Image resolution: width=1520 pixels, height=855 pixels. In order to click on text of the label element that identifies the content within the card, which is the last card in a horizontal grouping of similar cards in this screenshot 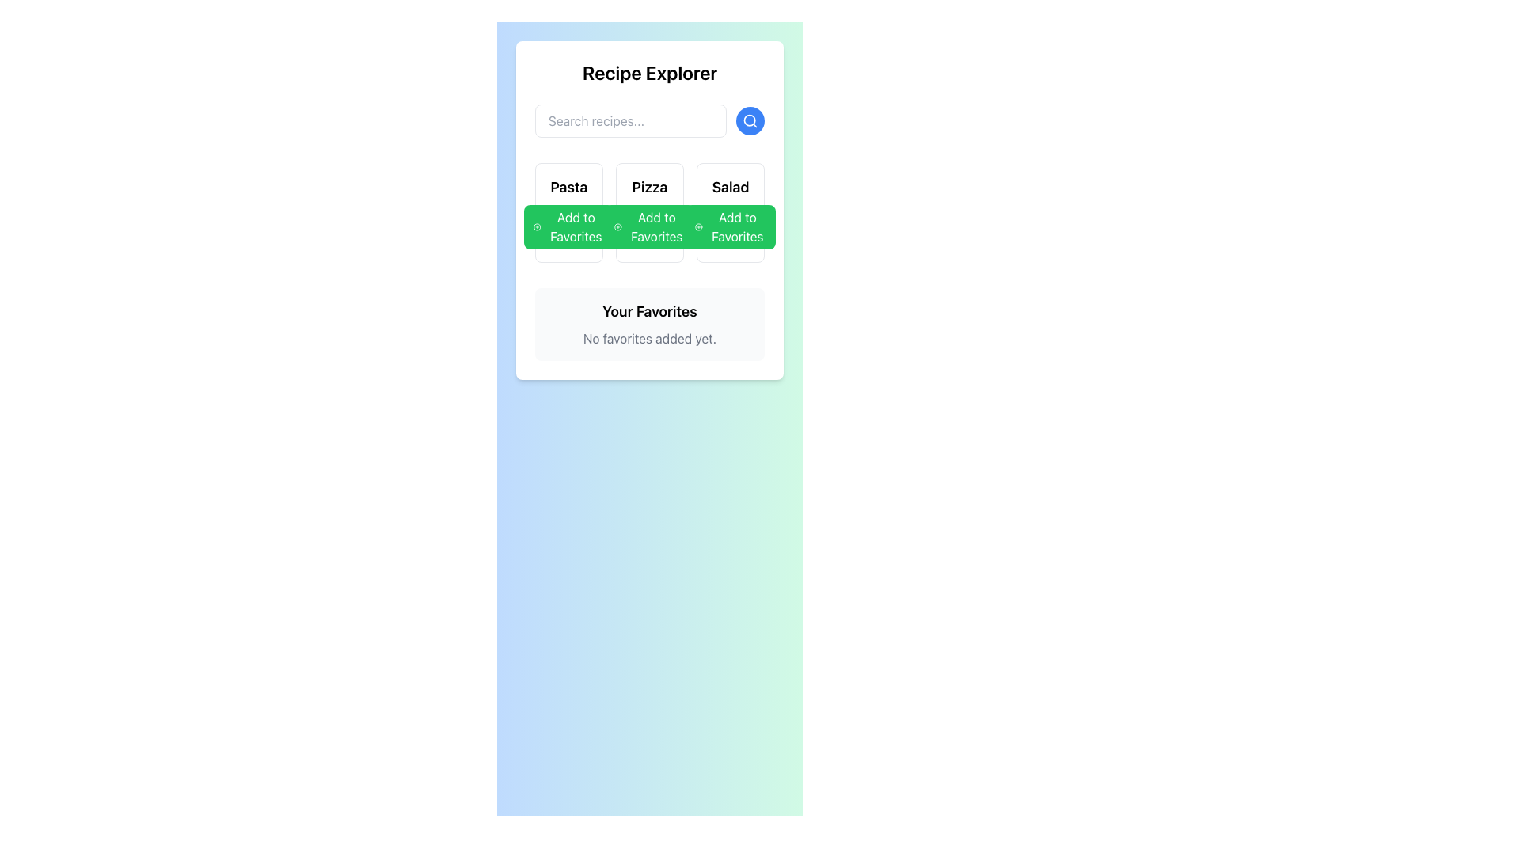, I will do `click(729, 186)`.